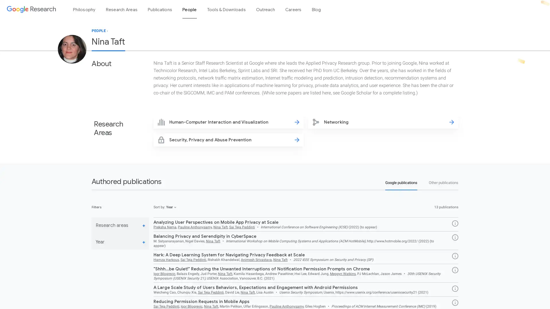  Describe the element at coordinates (171, 207) in the screenshot. I see `Year` at that location.